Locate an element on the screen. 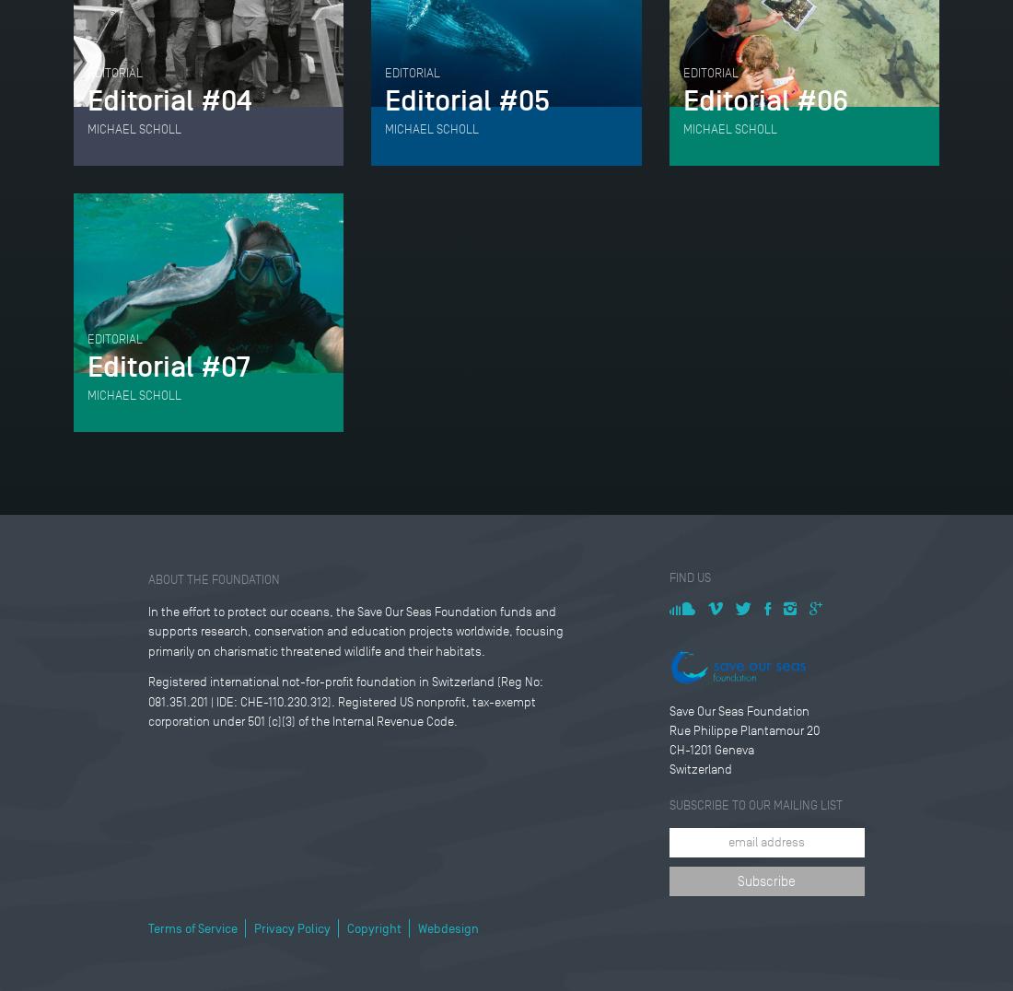 This screenshot has width=1013, height=991. 'Rue Philippe Plantamour 20' is located at coordinates (743, 729).